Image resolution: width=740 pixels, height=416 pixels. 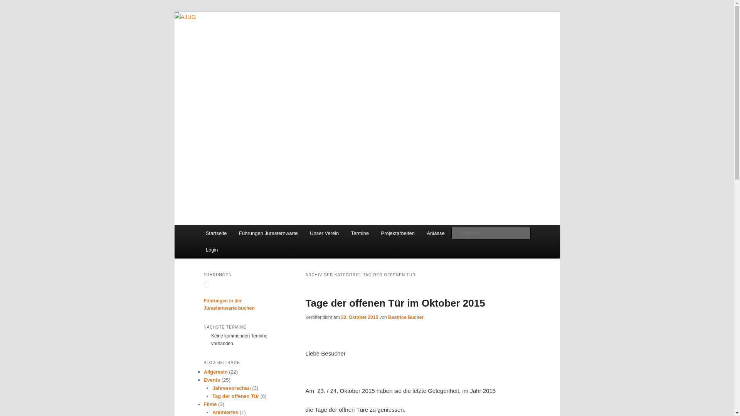 What do you see at coordinates (212, 250) in the screenshot?
I see `'Login'` at bounding box center [212, 250].